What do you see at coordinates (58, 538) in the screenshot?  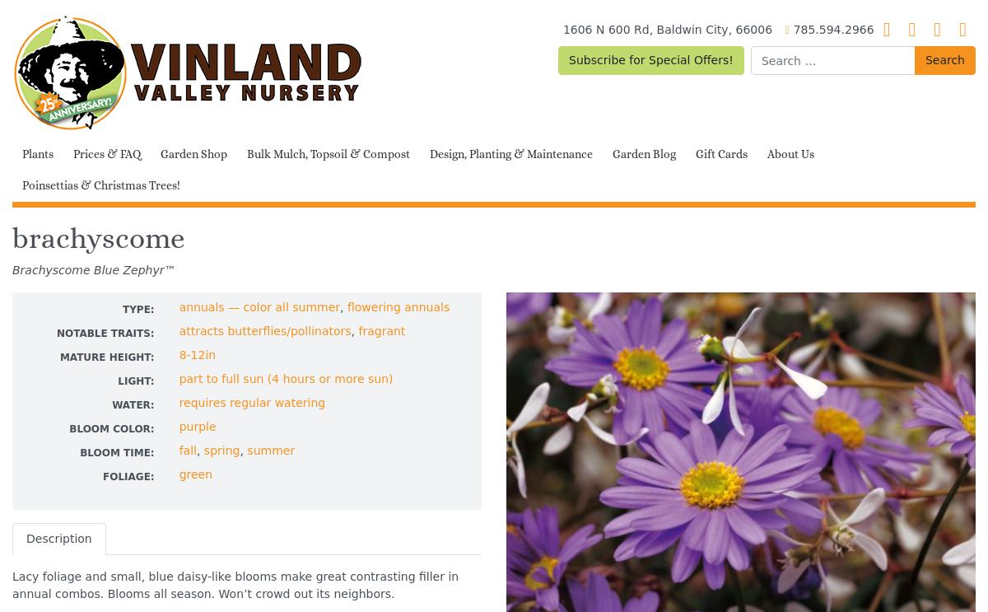 I see `'Description'` at bounding box center [58, 538].